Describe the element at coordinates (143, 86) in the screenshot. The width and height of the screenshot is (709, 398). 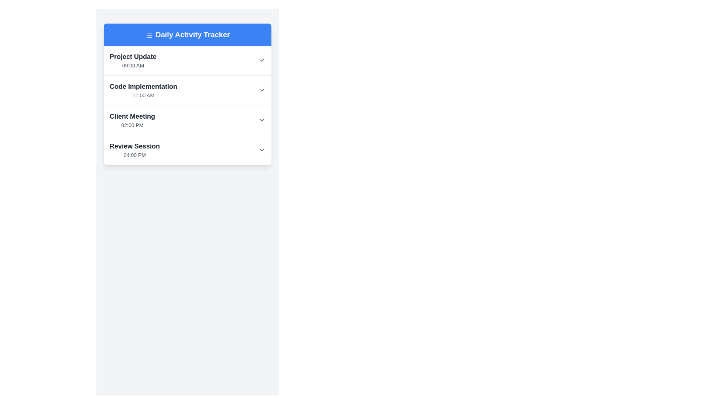
I see `the content of the text label titled 'Code Implementation', which is positioned above the time label '11:00 AM' in the Daily Activity Tracker` at that location.